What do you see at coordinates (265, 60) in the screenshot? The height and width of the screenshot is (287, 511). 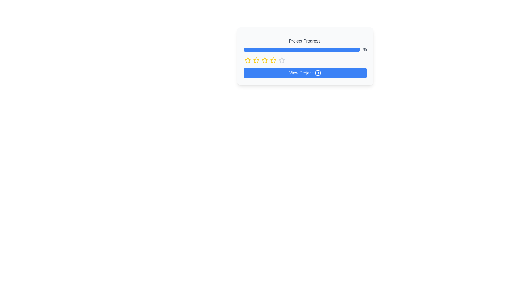 I see `the third star in the five-star rating system` at bounding box center [265, 60].